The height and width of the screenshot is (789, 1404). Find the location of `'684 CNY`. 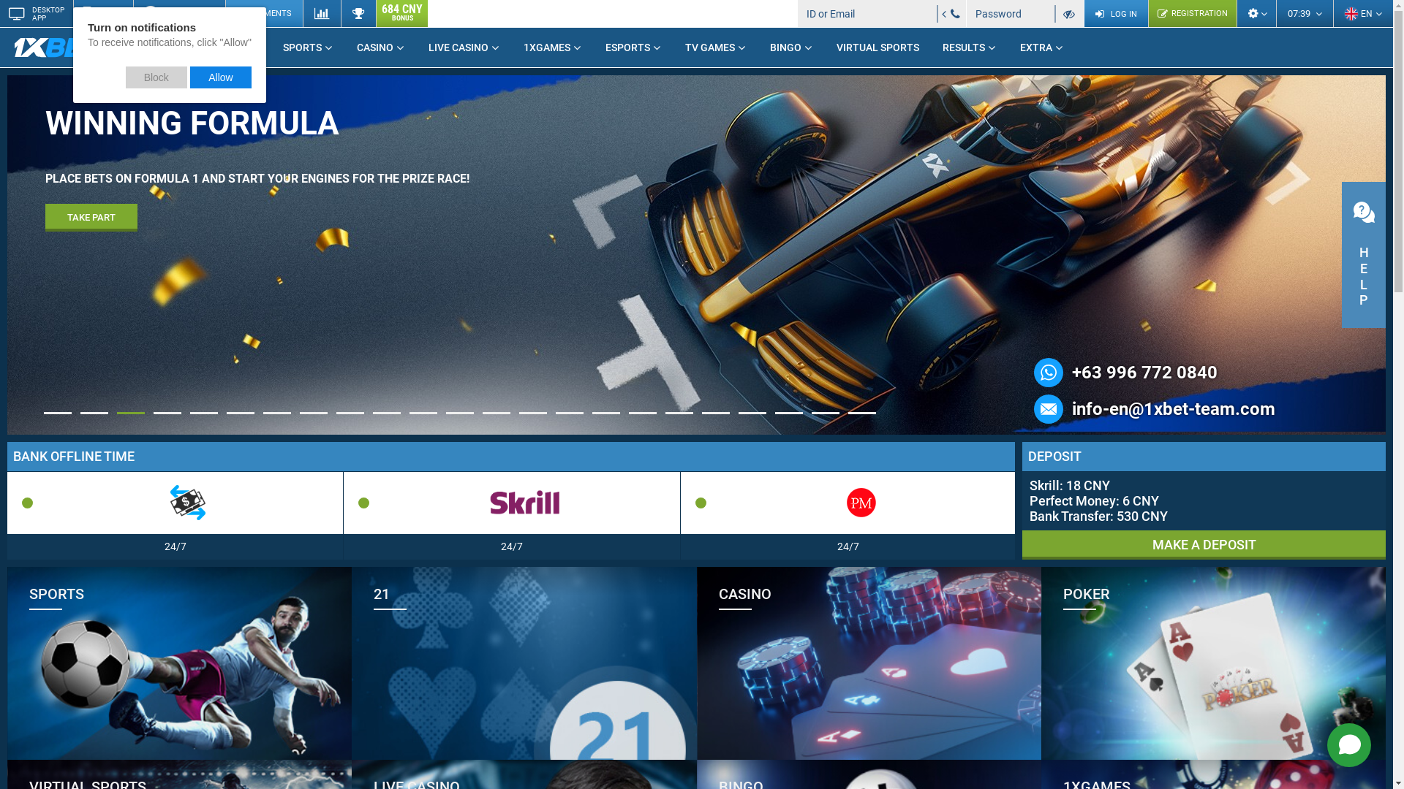

'684 CNY is located at coordinates (375, 13).